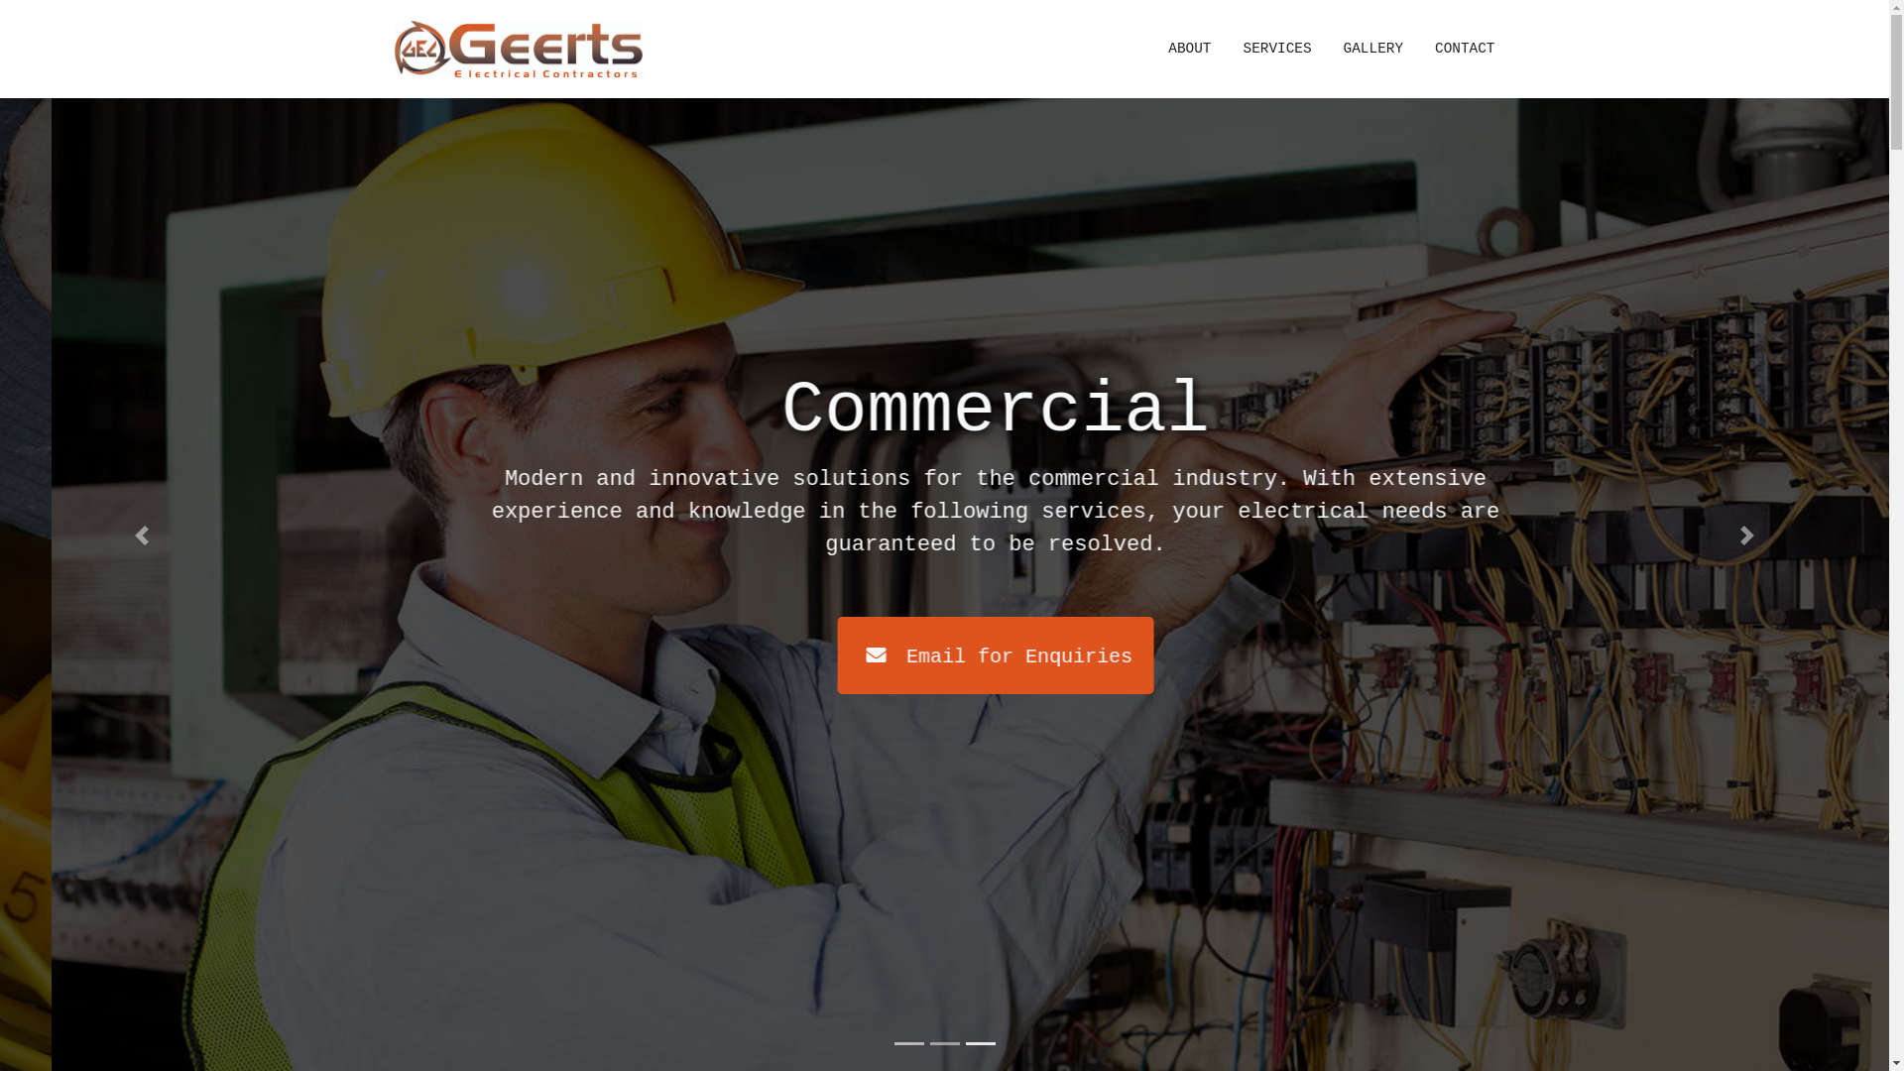 The height and width of the screenshot is (1071, 1904). I want to click on 'GALLERY', so click(1372, 49).